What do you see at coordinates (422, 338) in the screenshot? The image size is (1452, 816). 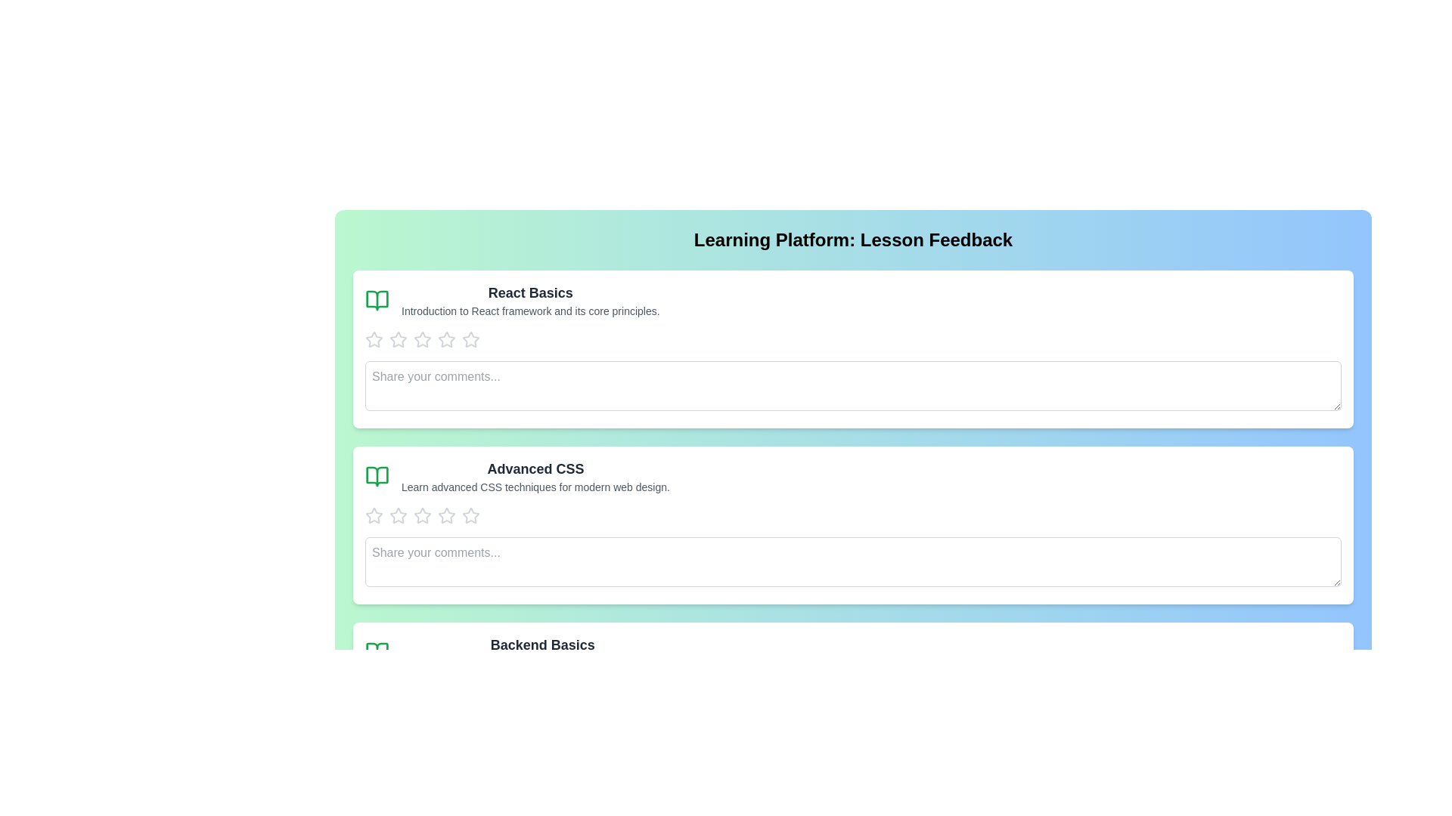 I see `the second star icon in the rating widget under the 'React Basics' lesson section` at bounding box center [422, 338].